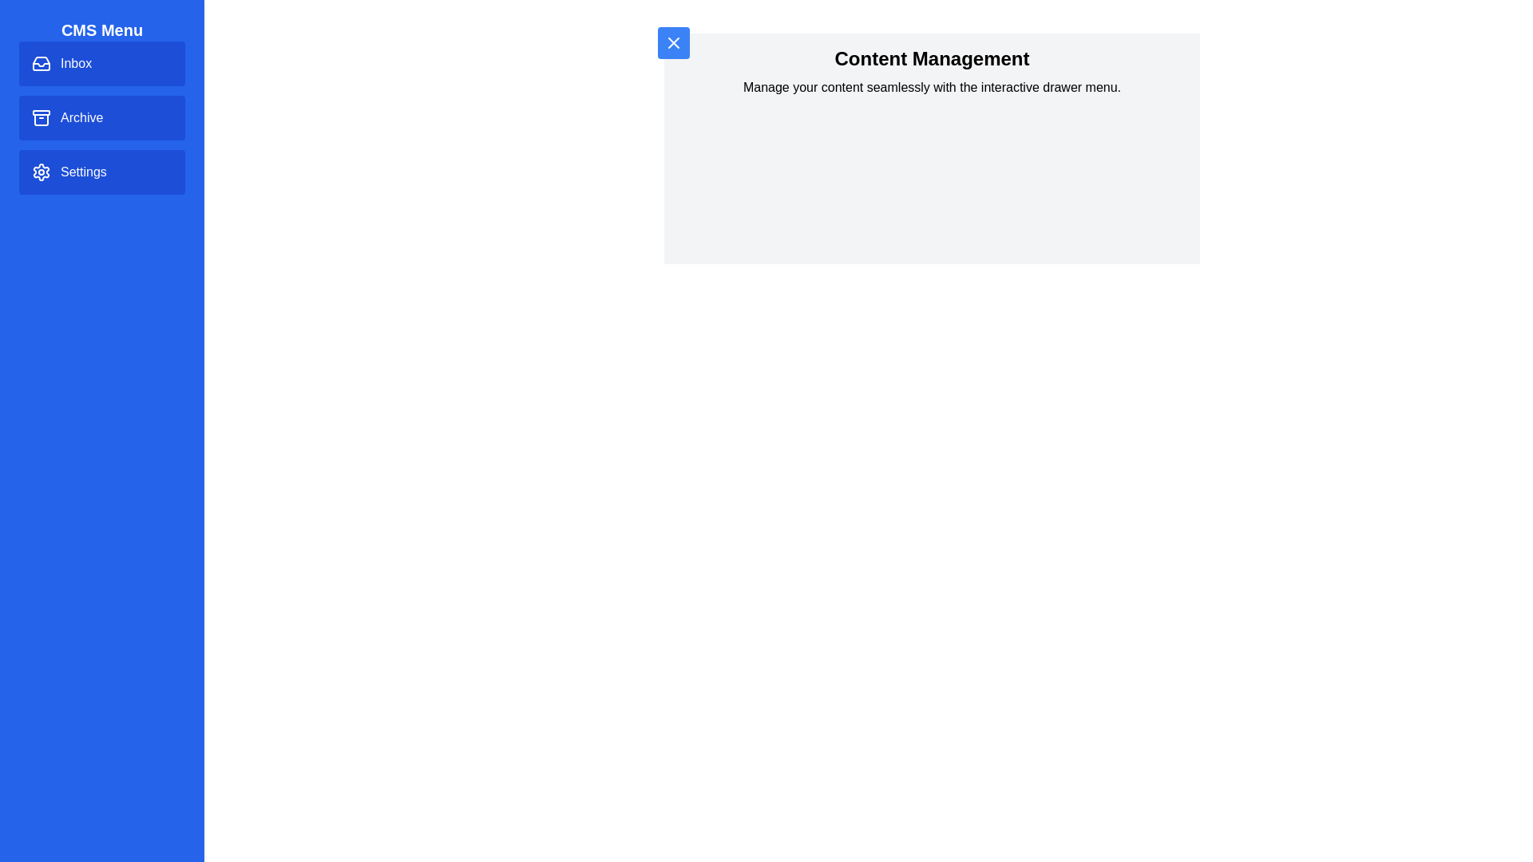  I want to click on the menu item Inbox from the drawer, so click(101, 63).